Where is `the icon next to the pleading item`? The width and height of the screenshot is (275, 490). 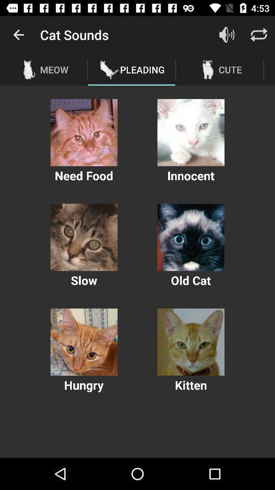 the icon next to the pleading item is located at coordinates (227, 35).